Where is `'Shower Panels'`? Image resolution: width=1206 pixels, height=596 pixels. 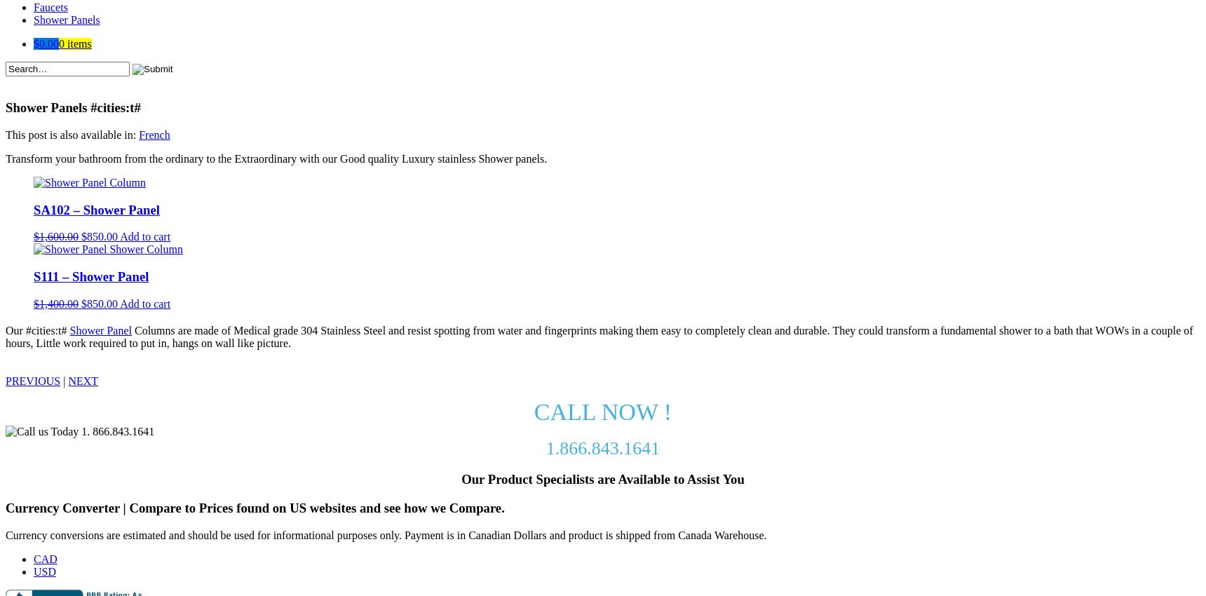 'Shower Panels' is located at coordinates (66, 18).